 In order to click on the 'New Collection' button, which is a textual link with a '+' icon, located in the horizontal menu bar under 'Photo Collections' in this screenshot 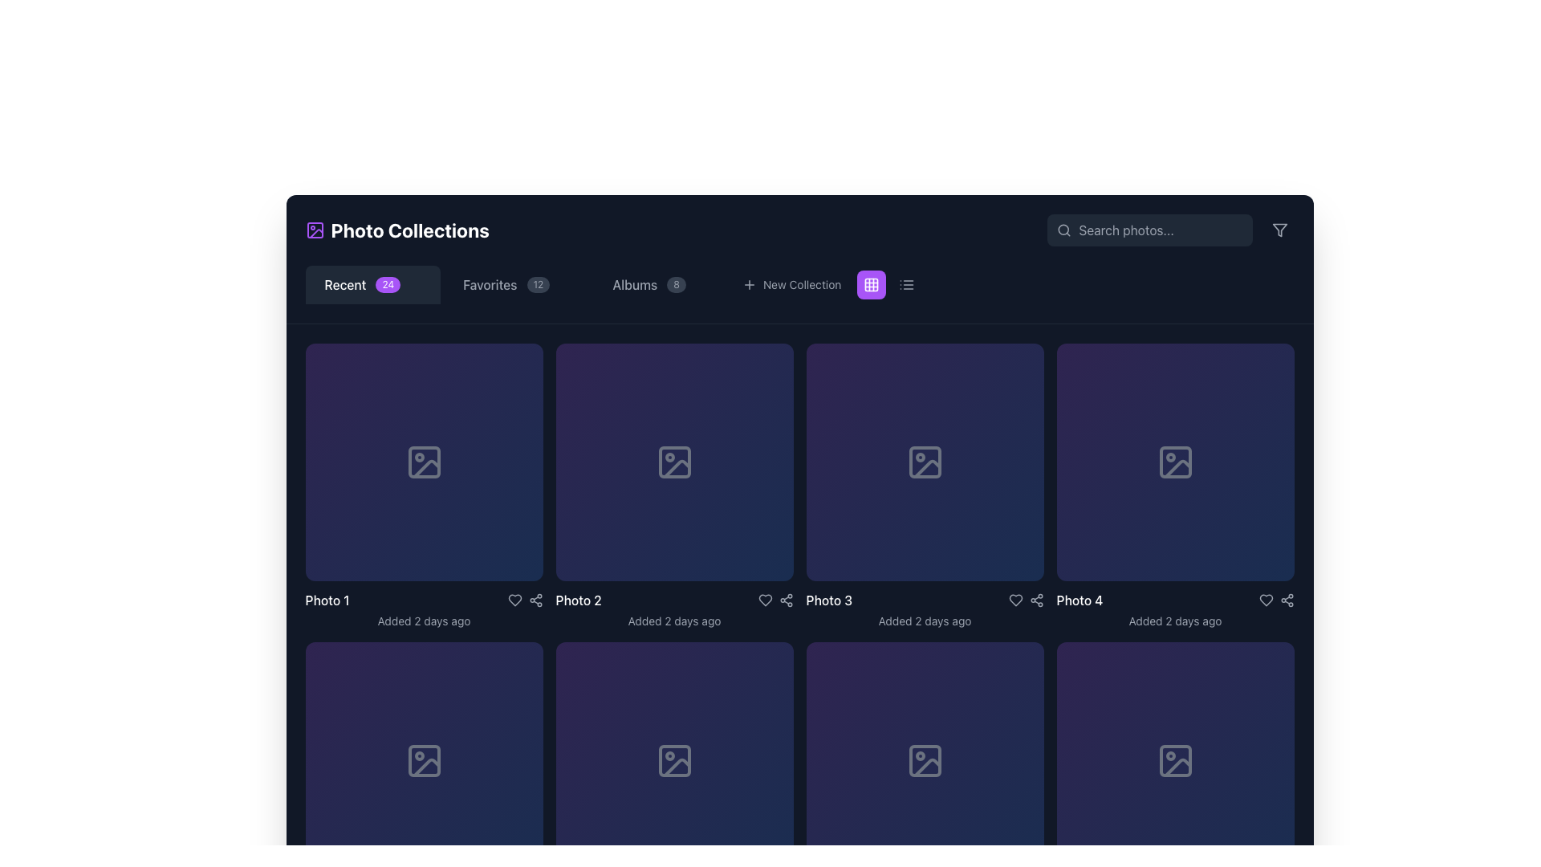, I will do `click(799, 283)`.